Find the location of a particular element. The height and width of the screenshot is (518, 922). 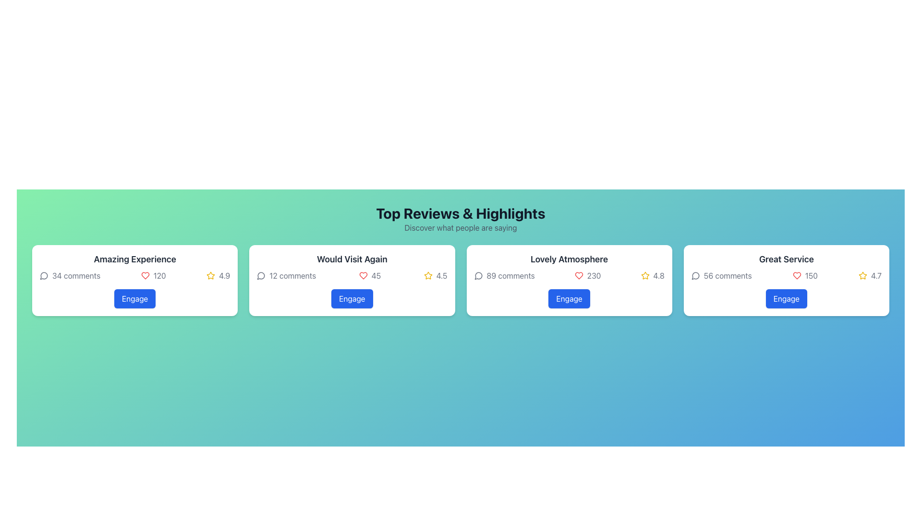

the text header that reads 'Top Reviews & Highlights', which is centrally located at the top of the section and displayed in bold black font against a light gradient background is located at coordinates (460, 212).